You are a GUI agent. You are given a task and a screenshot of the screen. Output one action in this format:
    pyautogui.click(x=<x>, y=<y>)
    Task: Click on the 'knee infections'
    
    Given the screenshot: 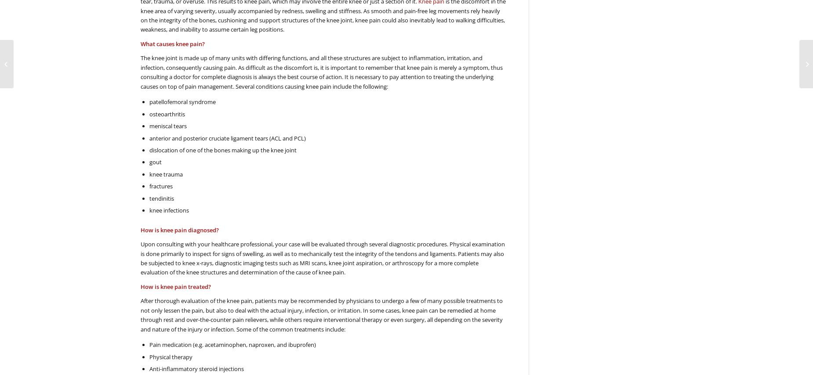 What is the action you would take?
    pyautogui.click(x=168, y=210)
    